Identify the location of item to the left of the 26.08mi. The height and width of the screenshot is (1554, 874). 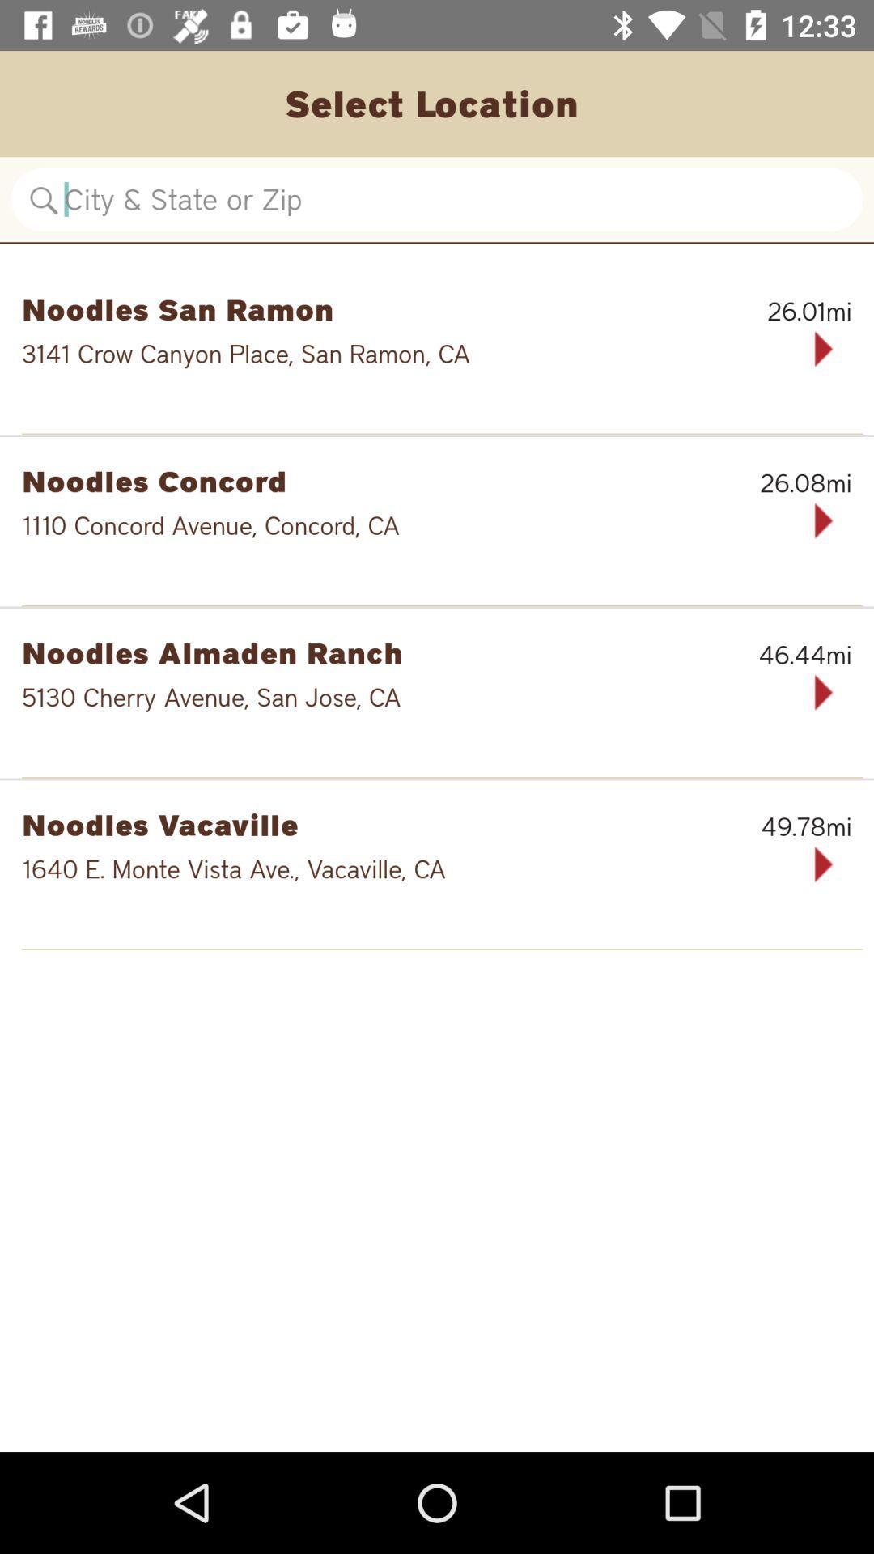
(353, 480).